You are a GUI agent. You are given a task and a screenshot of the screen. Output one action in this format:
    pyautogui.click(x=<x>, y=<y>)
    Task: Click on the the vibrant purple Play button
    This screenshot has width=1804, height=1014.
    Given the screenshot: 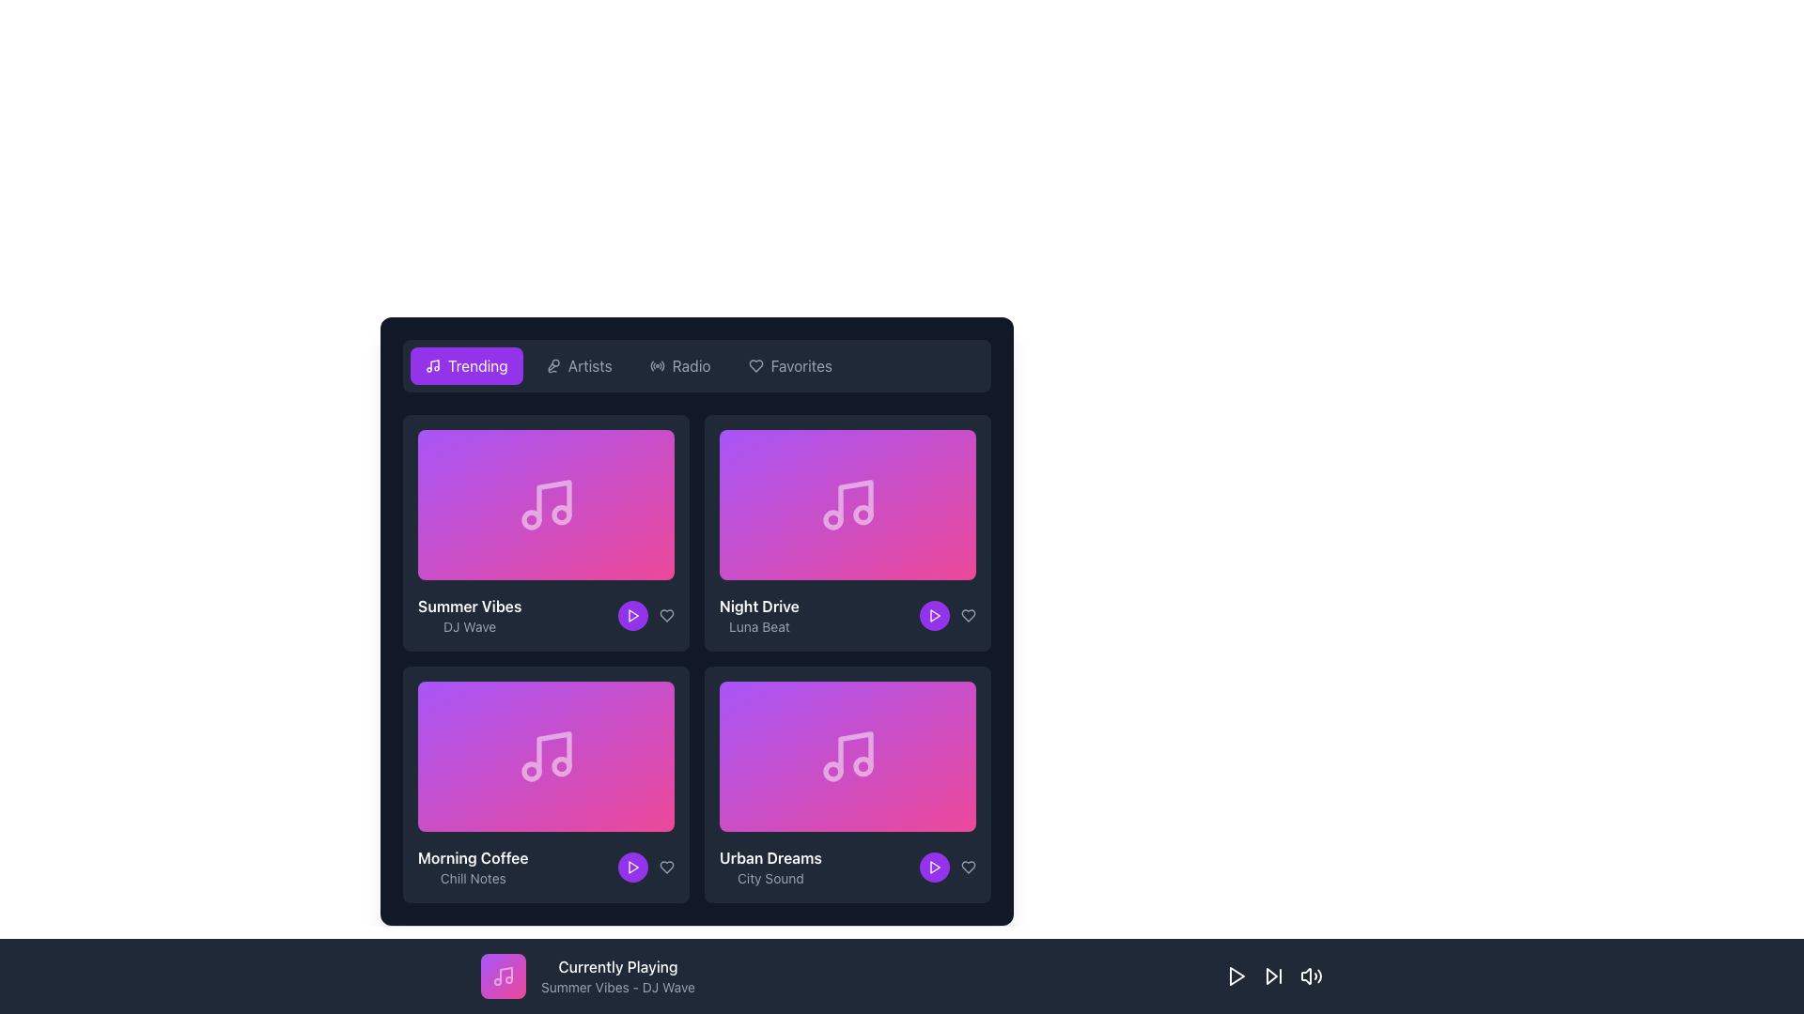 What is the action you would take?
    pyautogui.click(x=934, y=868)
    